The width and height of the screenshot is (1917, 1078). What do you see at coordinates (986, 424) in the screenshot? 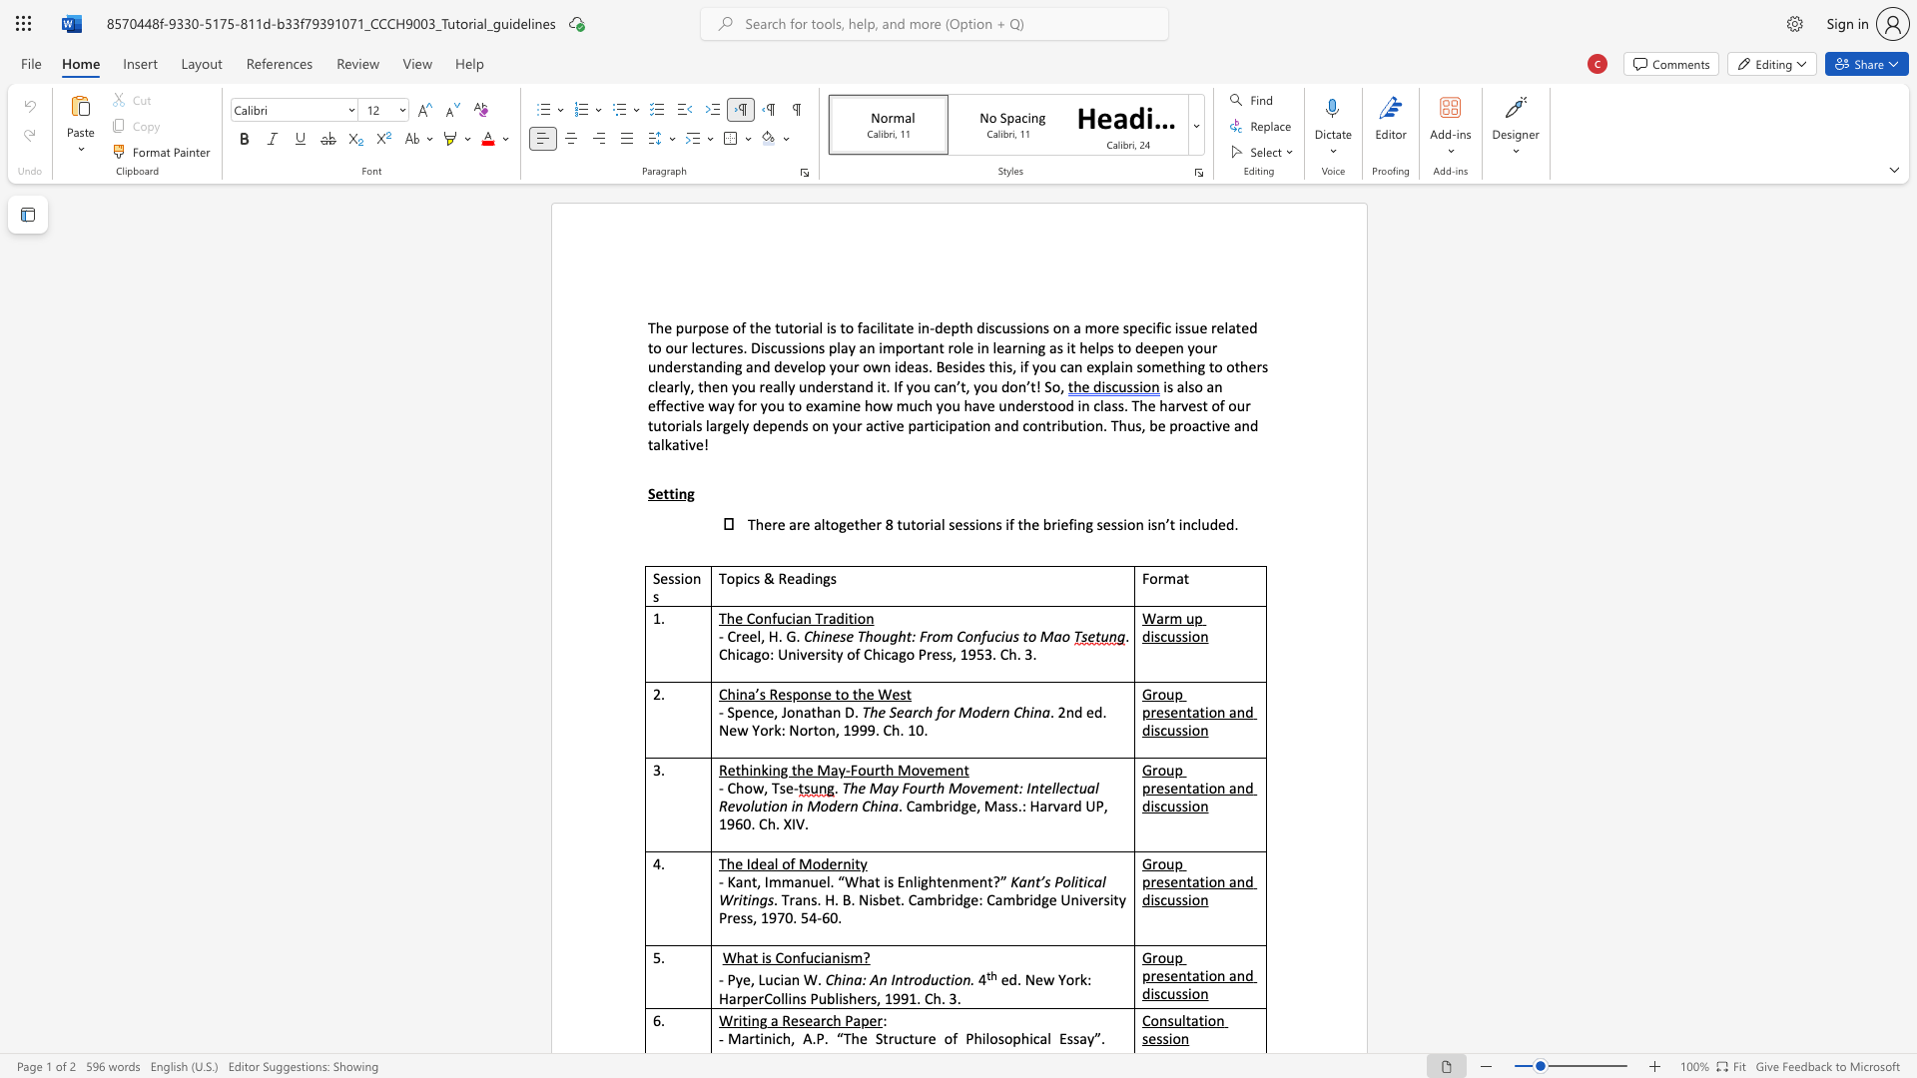
I see `the 1th character "n" in the text` at bounding box center [986, 424].